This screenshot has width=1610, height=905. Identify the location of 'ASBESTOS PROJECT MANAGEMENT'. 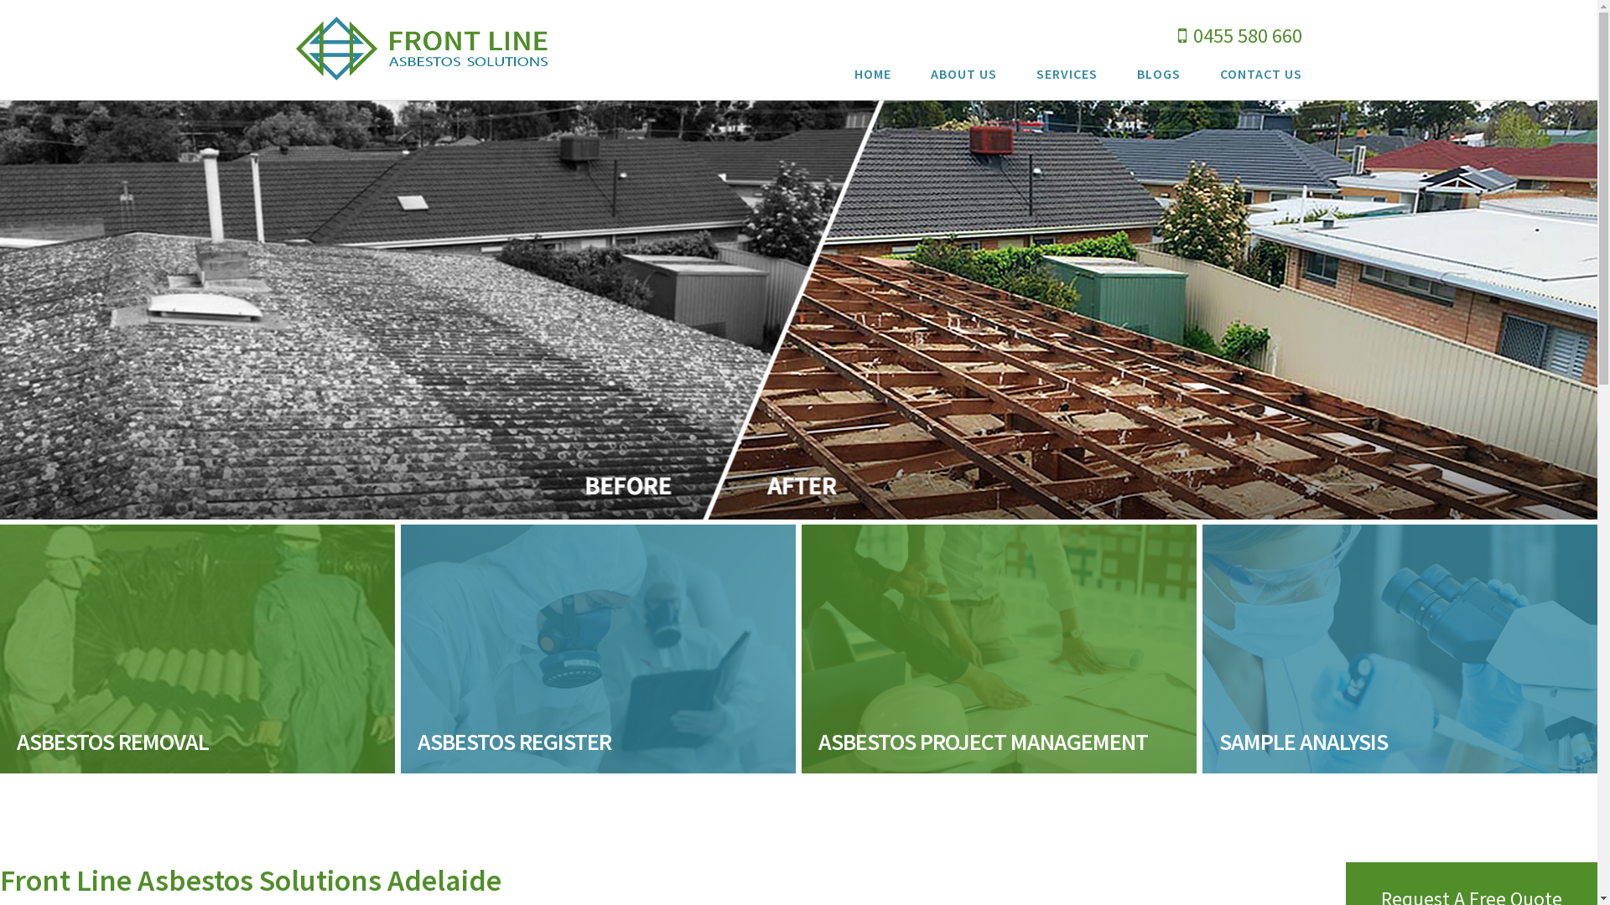
(999, 648).